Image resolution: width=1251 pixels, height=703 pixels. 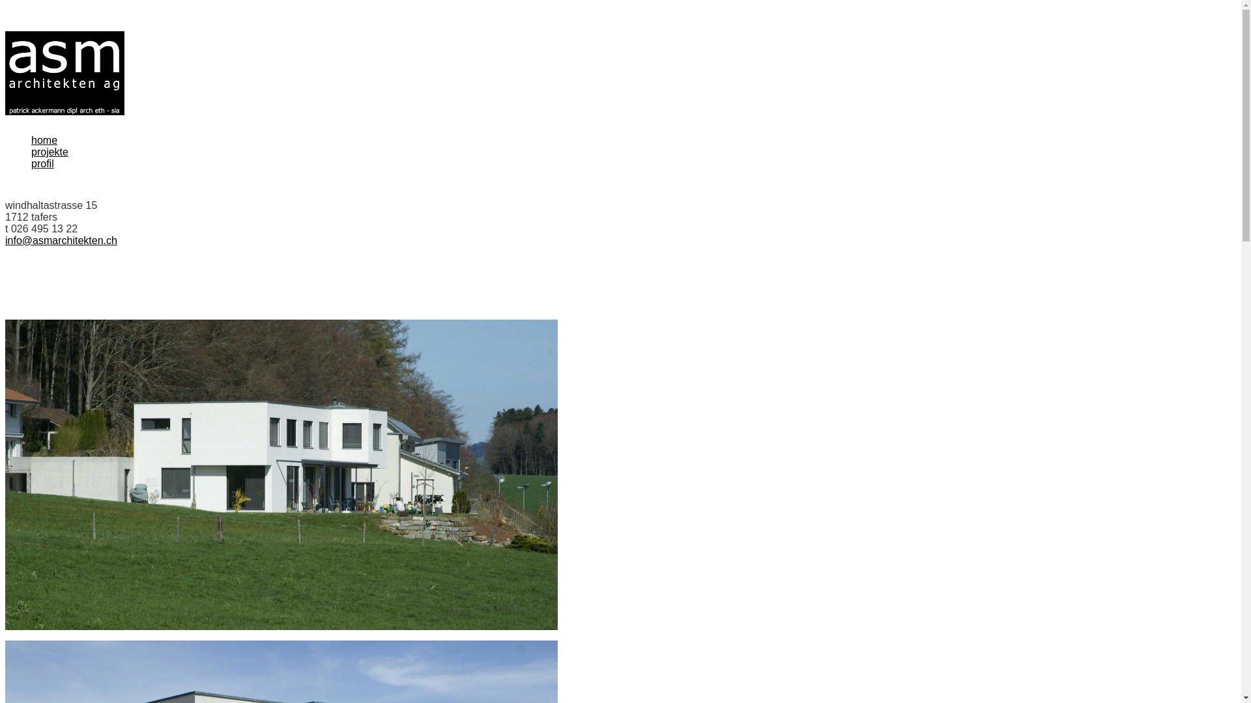 What do you see at coordinates (64, 73) in the screenshot?
I see `'Startseite'` at bounding box center [64, 73].